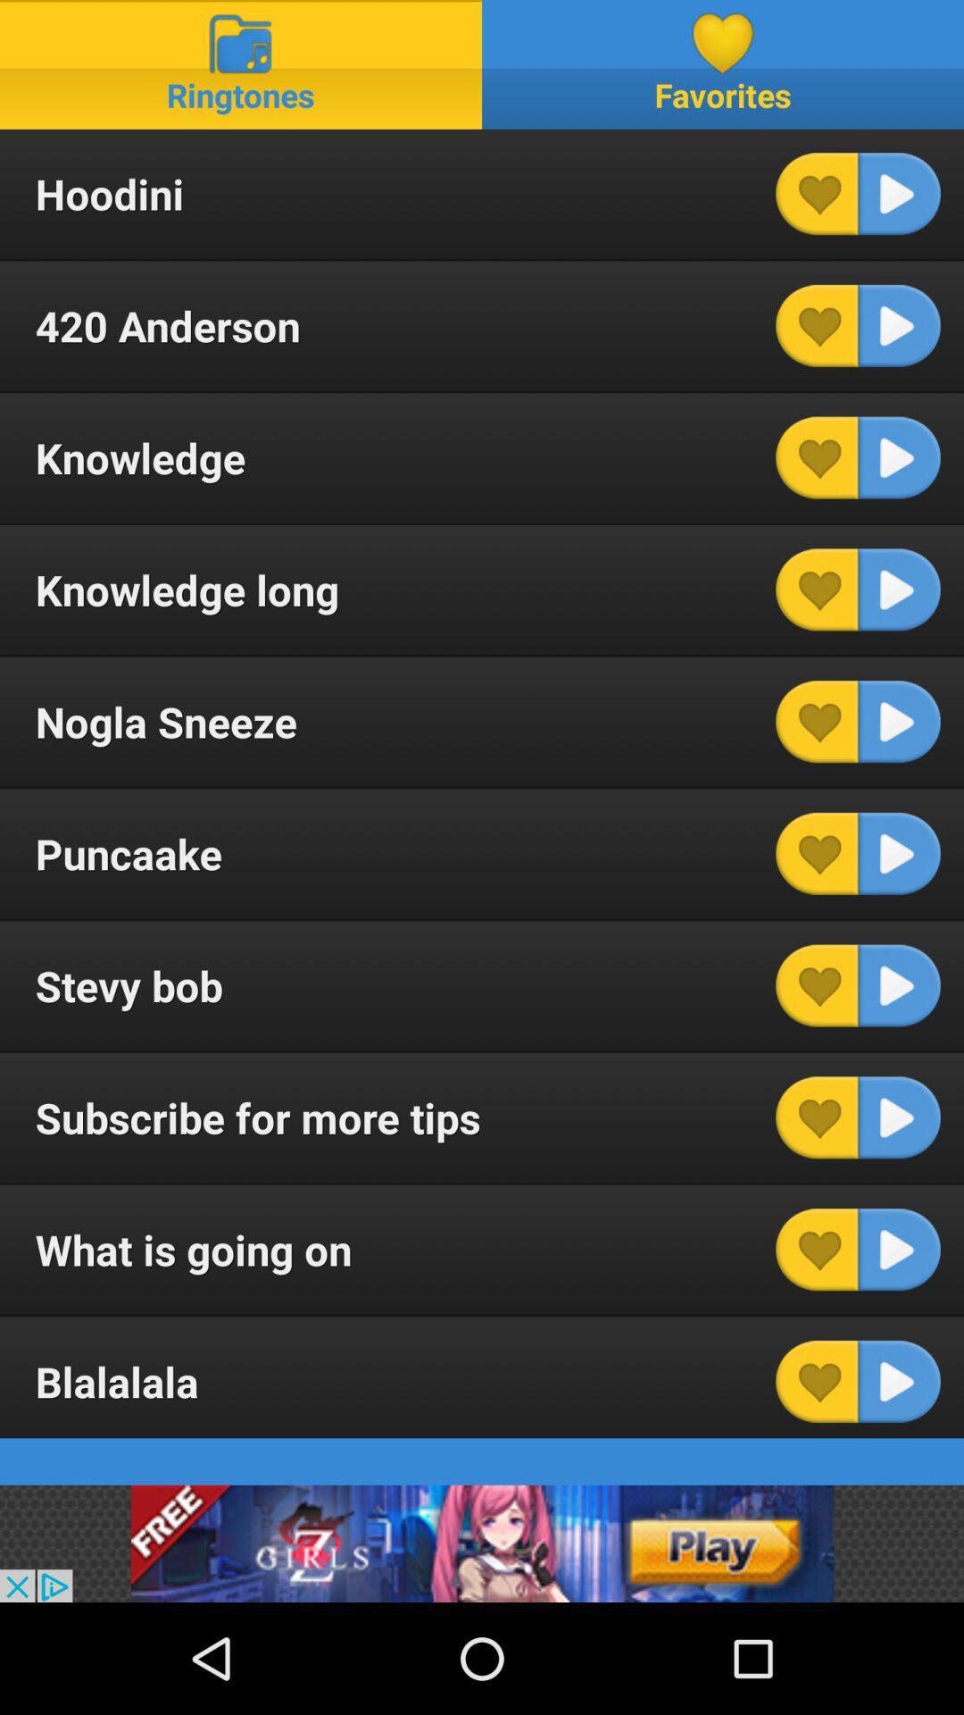 This screenshot has height=1715, width=964. What do you see at coordinates (899, 590) in the screenshot?
I see `list option` at bounding box center [899, 590].